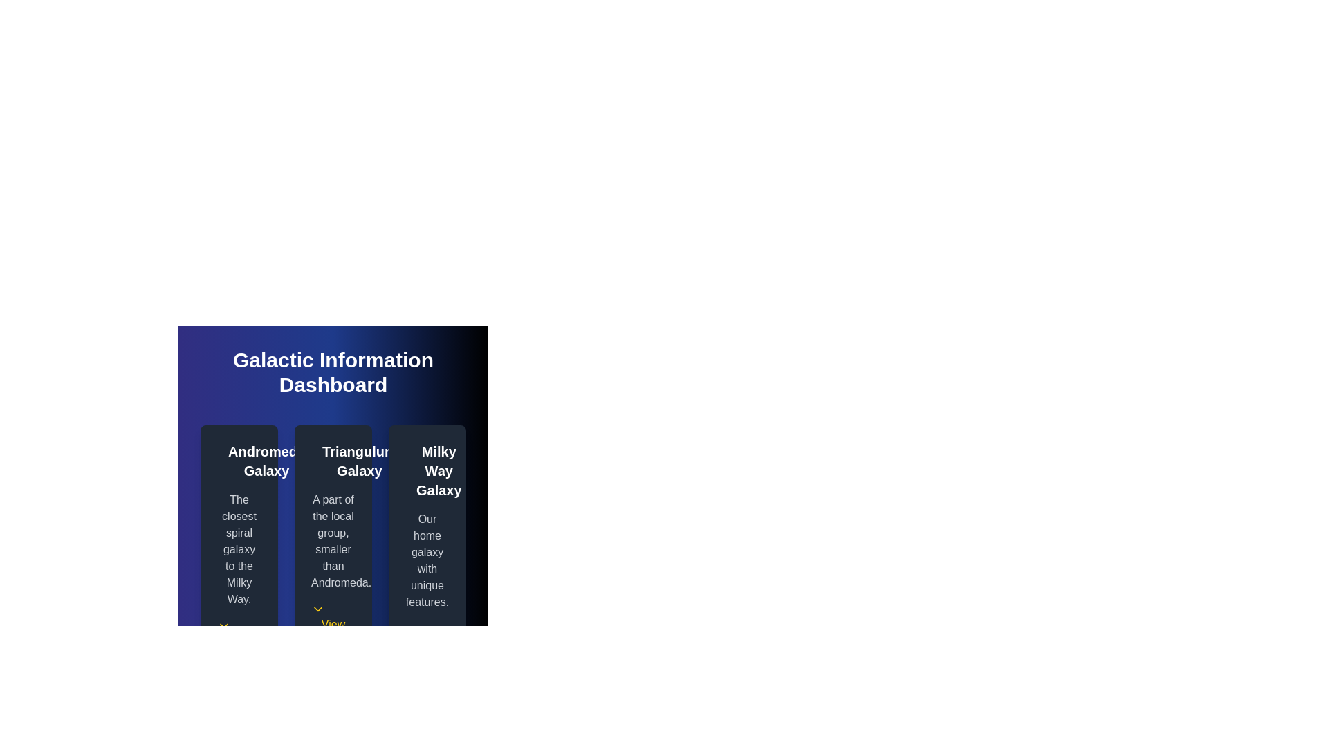 This screenshot has height=747, width=1328. What do you see at coordinates (266, 461) in the screenshot?
I see `the text label displaying 'Andromeda Galaxy' in a large, bold serif font, which is prominently positioned at the top of its column` at bounding box center [266, 461].